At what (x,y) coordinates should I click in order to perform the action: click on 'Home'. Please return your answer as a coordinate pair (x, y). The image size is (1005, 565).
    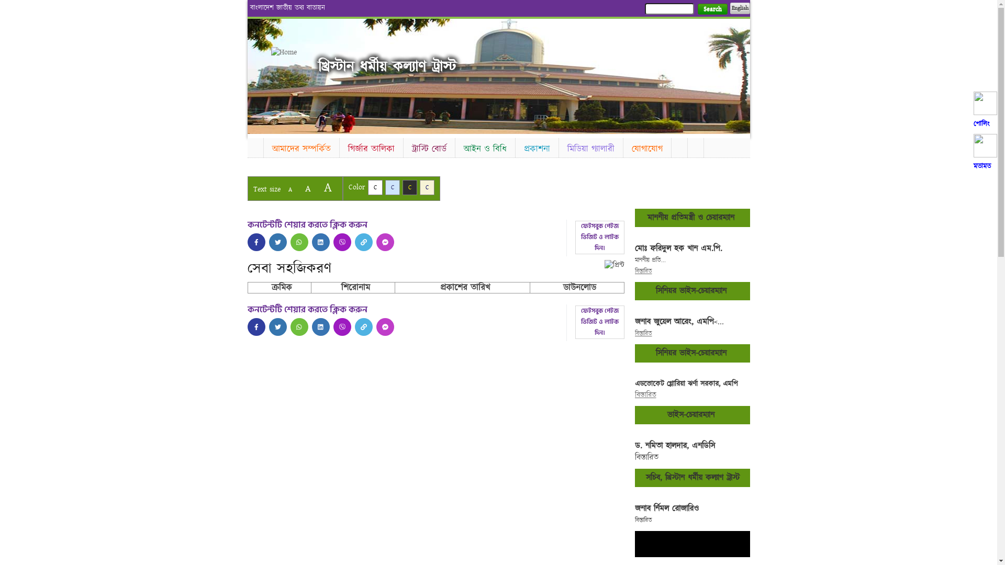
    Looking at the image, I should click on (271, 52).